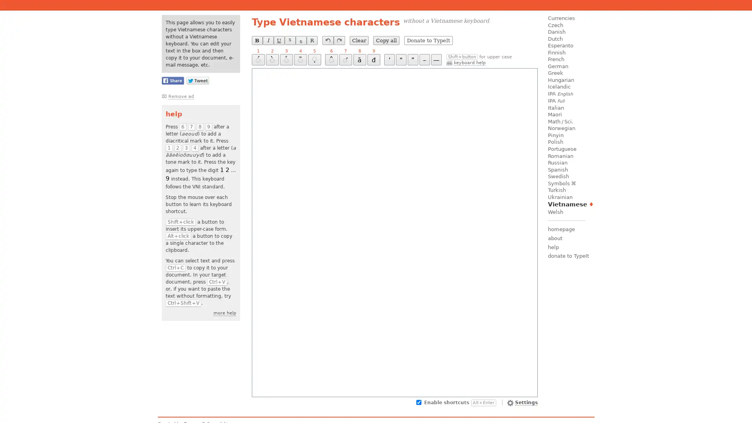 The image size is (752, 423). What do you see at coordinates (339, 40) in the screenshot?
I see `redo last undone operation (Ctrl+Y)` at bounding box center [339, 40].